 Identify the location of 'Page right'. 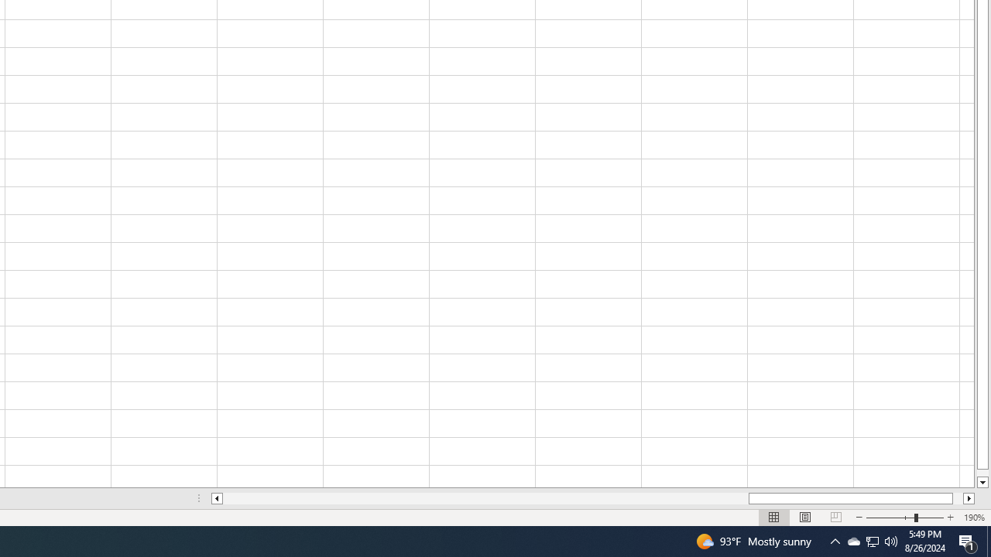
(957, 498).